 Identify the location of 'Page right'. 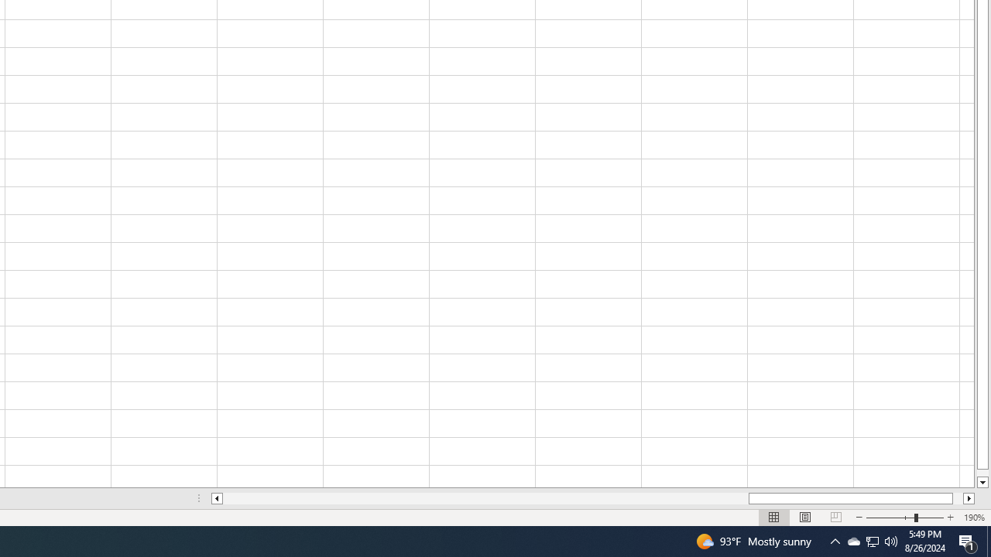
(957, 498).